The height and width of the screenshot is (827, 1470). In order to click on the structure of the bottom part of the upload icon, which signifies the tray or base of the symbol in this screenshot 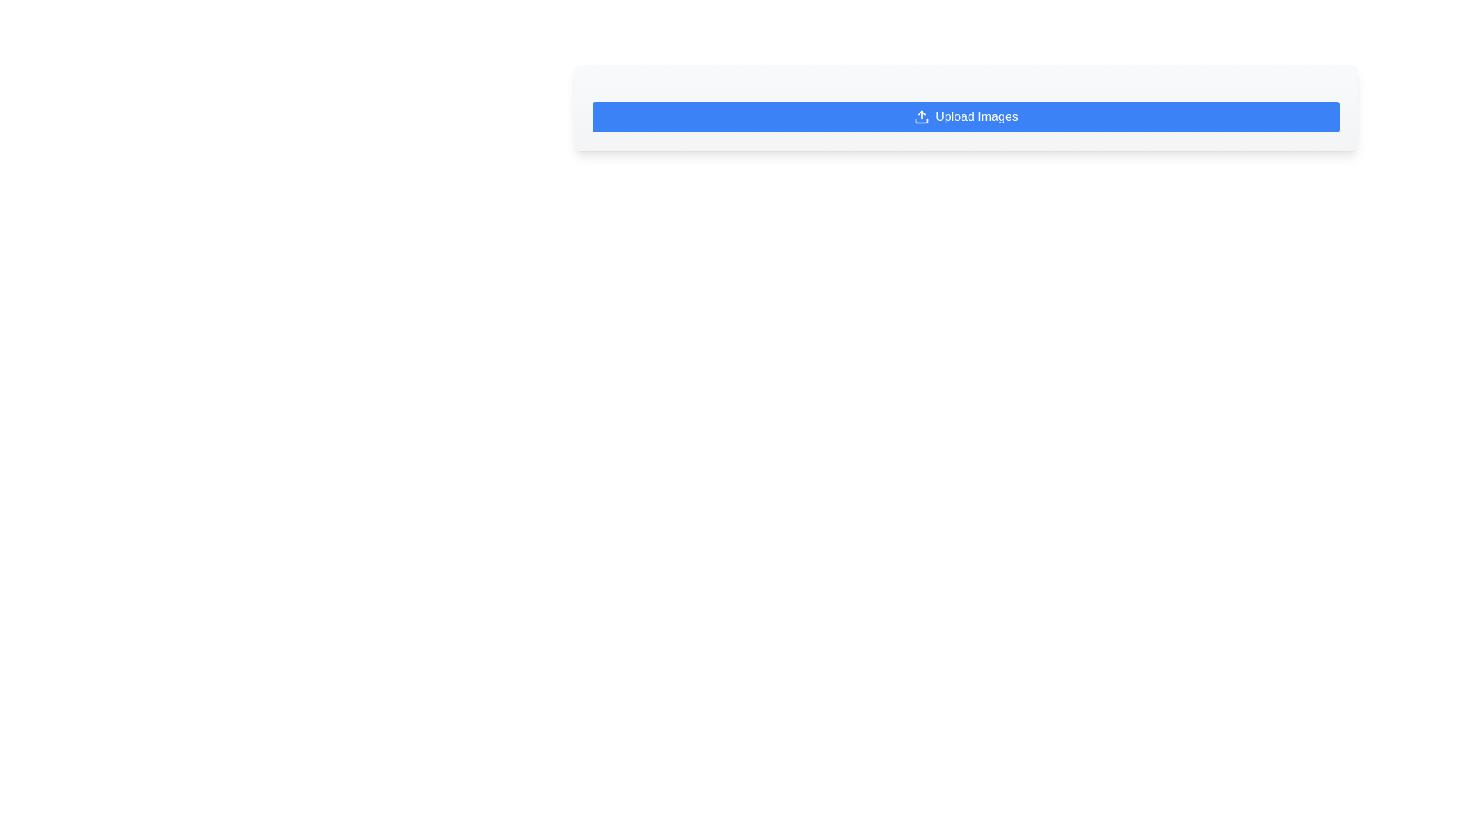, I will do `click(921, 120)`.